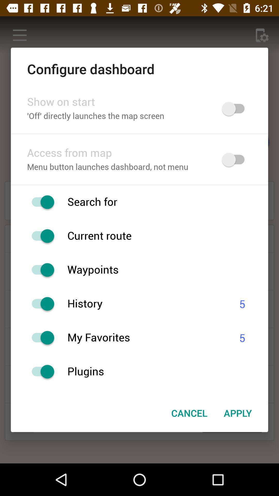 The image size is (279, 496). Describe the element at coordinates (238, 413) in the screenshot. I see `item next to the cancel icon` at that location.